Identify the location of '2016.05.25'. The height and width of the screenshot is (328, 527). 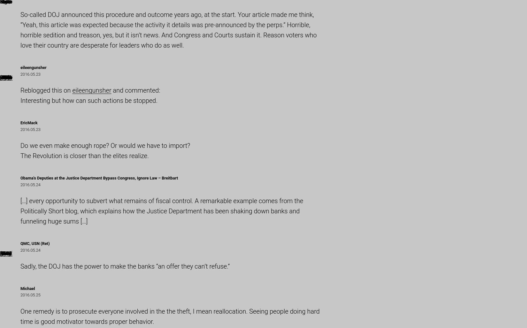
(30, 295).